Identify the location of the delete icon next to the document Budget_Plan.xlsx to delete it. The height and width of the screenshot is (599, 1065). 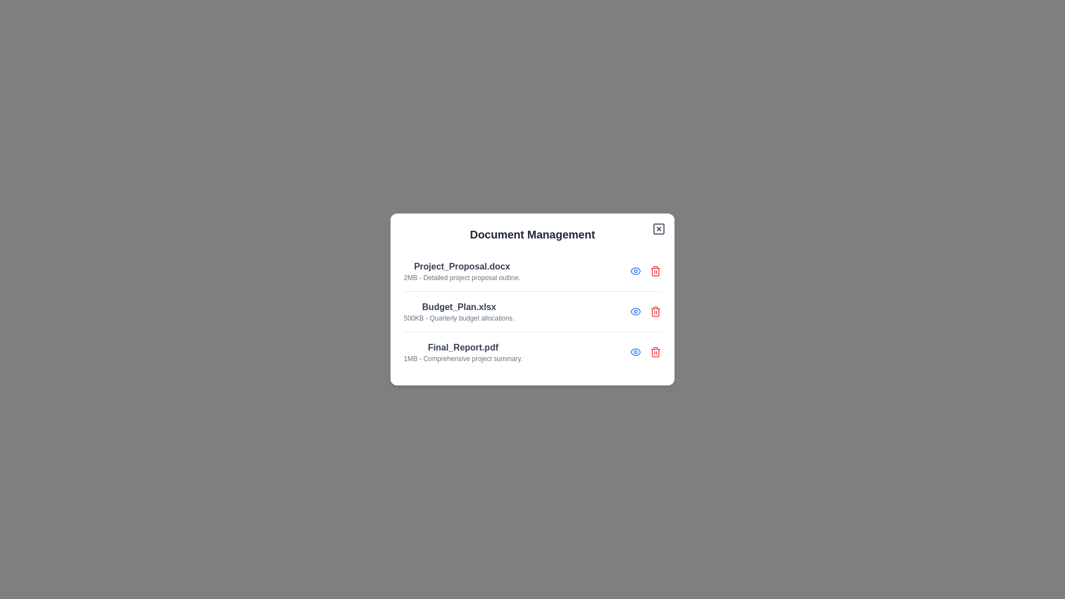
(655, 312).